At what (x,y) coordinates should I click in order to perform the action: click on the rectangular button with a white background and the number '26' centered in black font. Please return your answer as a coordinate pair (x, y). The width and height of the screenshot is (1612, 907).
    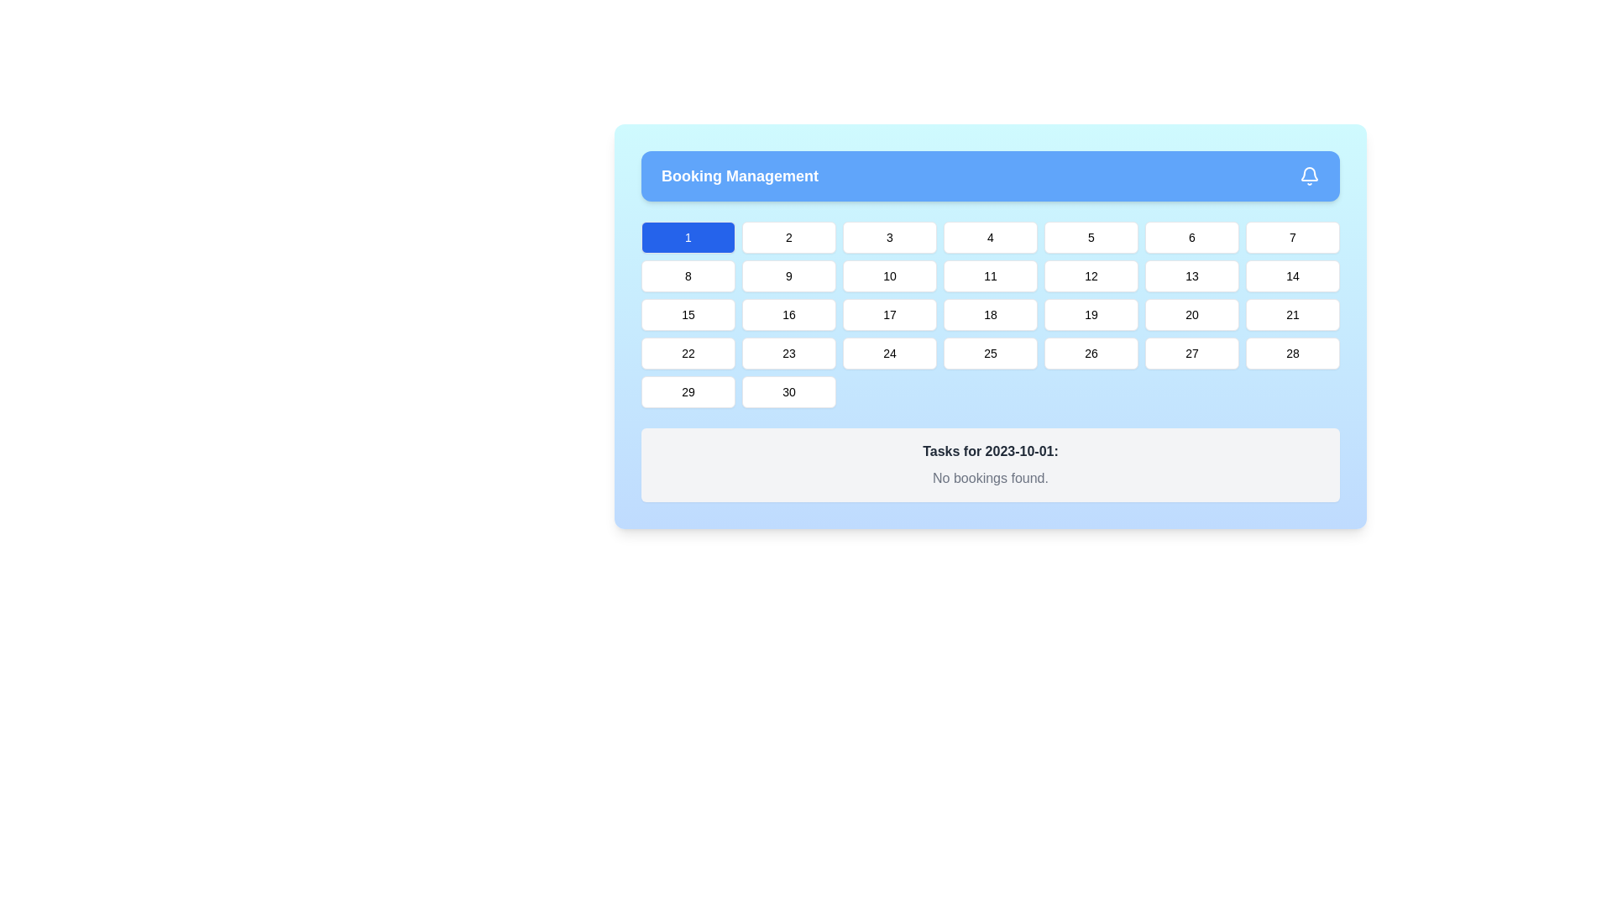
    Looking at the image, I should click on (1091, 352).